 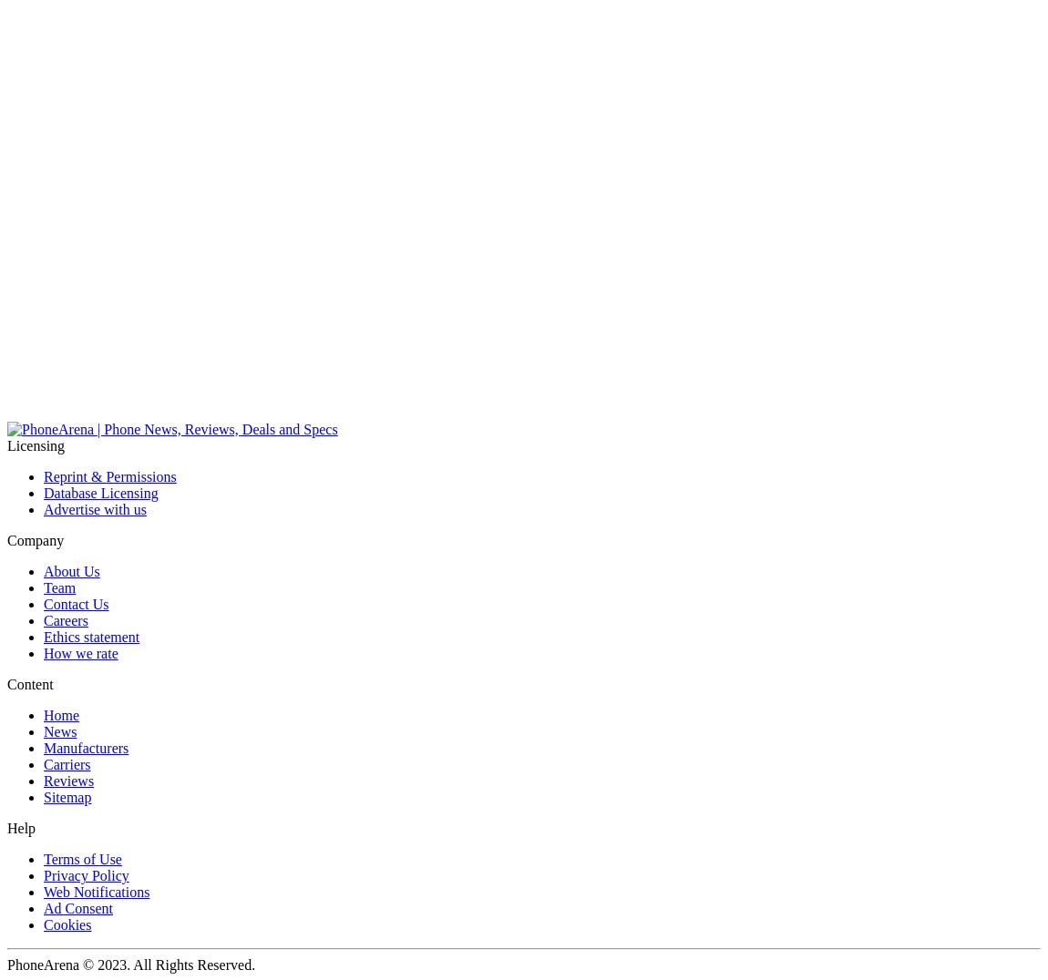 What do you see at coordinates (60, 715) in the screenshot?
I see `'Home'` at bounding box center [60, 715].